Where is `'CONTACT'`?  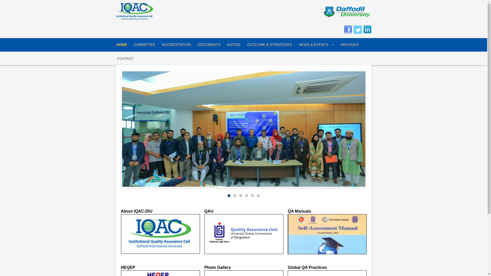
'CONTACT' is located at coordinates (116, 58).